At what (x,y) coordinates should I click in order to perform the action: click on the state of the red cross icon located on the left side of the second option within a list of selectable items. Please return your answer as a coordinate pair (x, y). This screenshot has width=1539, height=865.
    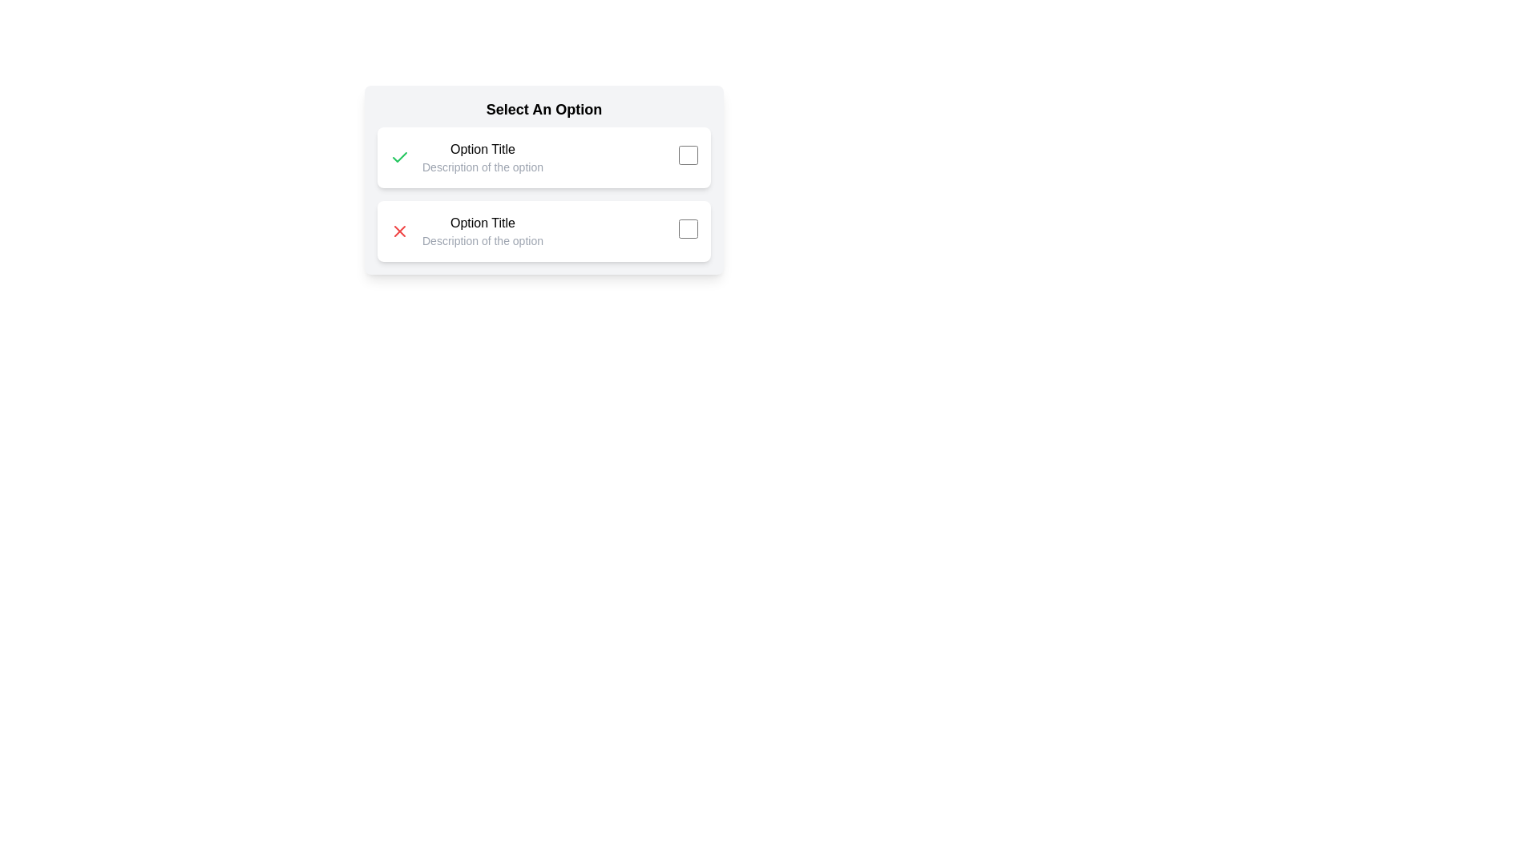
    Looking at the image, I should click on (400, 231).